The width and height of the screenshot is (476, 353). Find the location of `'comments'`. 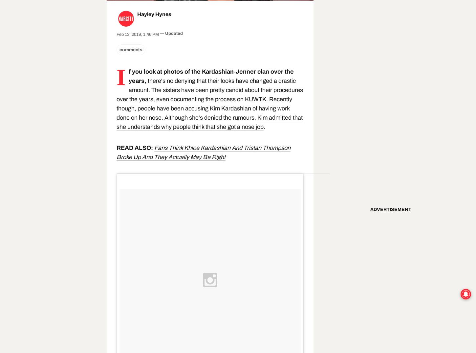

'comments' is located at coordinates (131, 49).